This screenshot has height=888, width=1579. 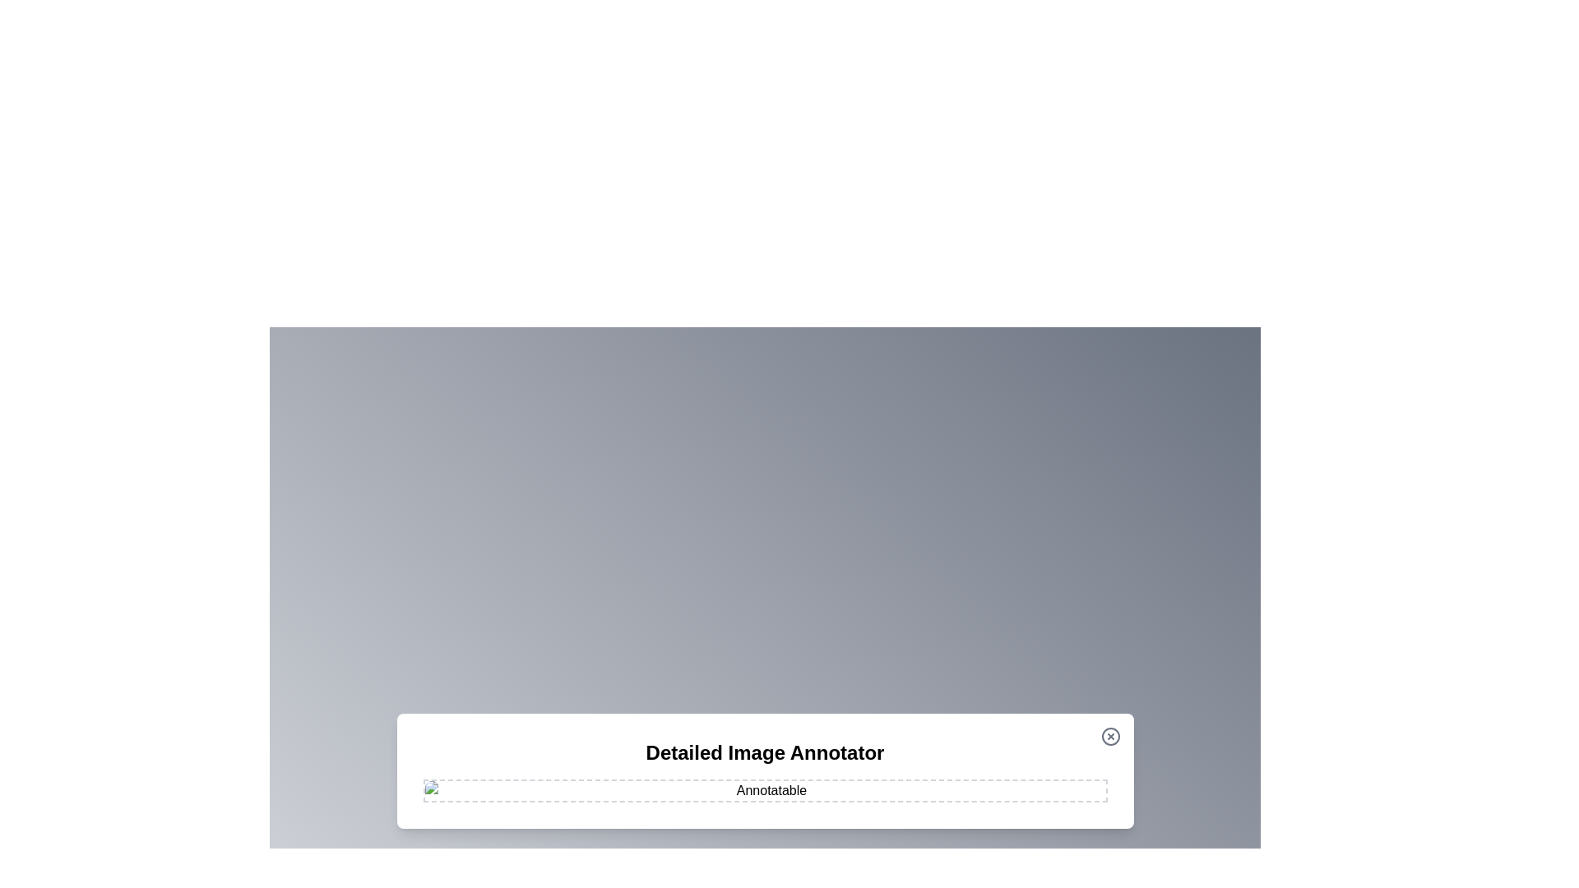 I want to click on the image at coordinates (1070, 957) to add an annotation, so click(x=879, y=785).